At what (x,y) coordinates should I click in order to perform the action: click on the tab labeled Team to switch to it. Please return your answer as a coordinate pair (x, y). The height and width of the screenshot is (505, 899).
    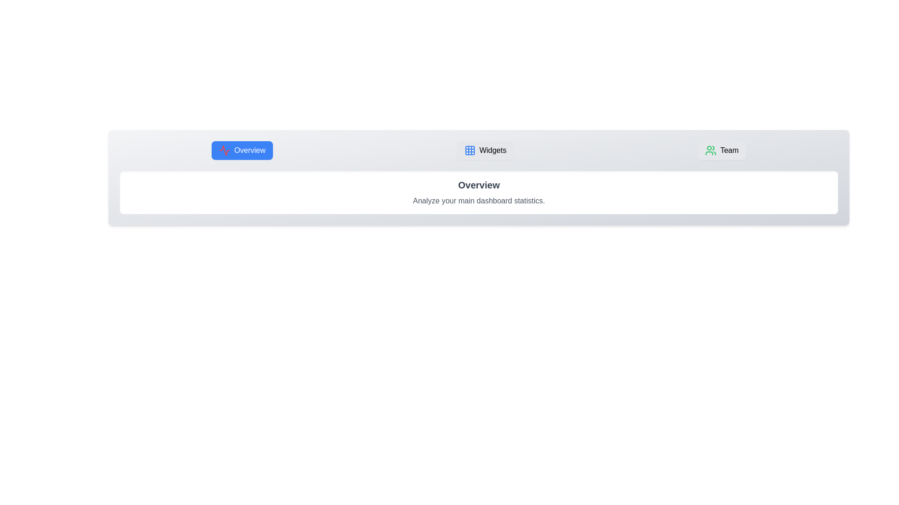
    Looking at the image, I should click on (721, 150).